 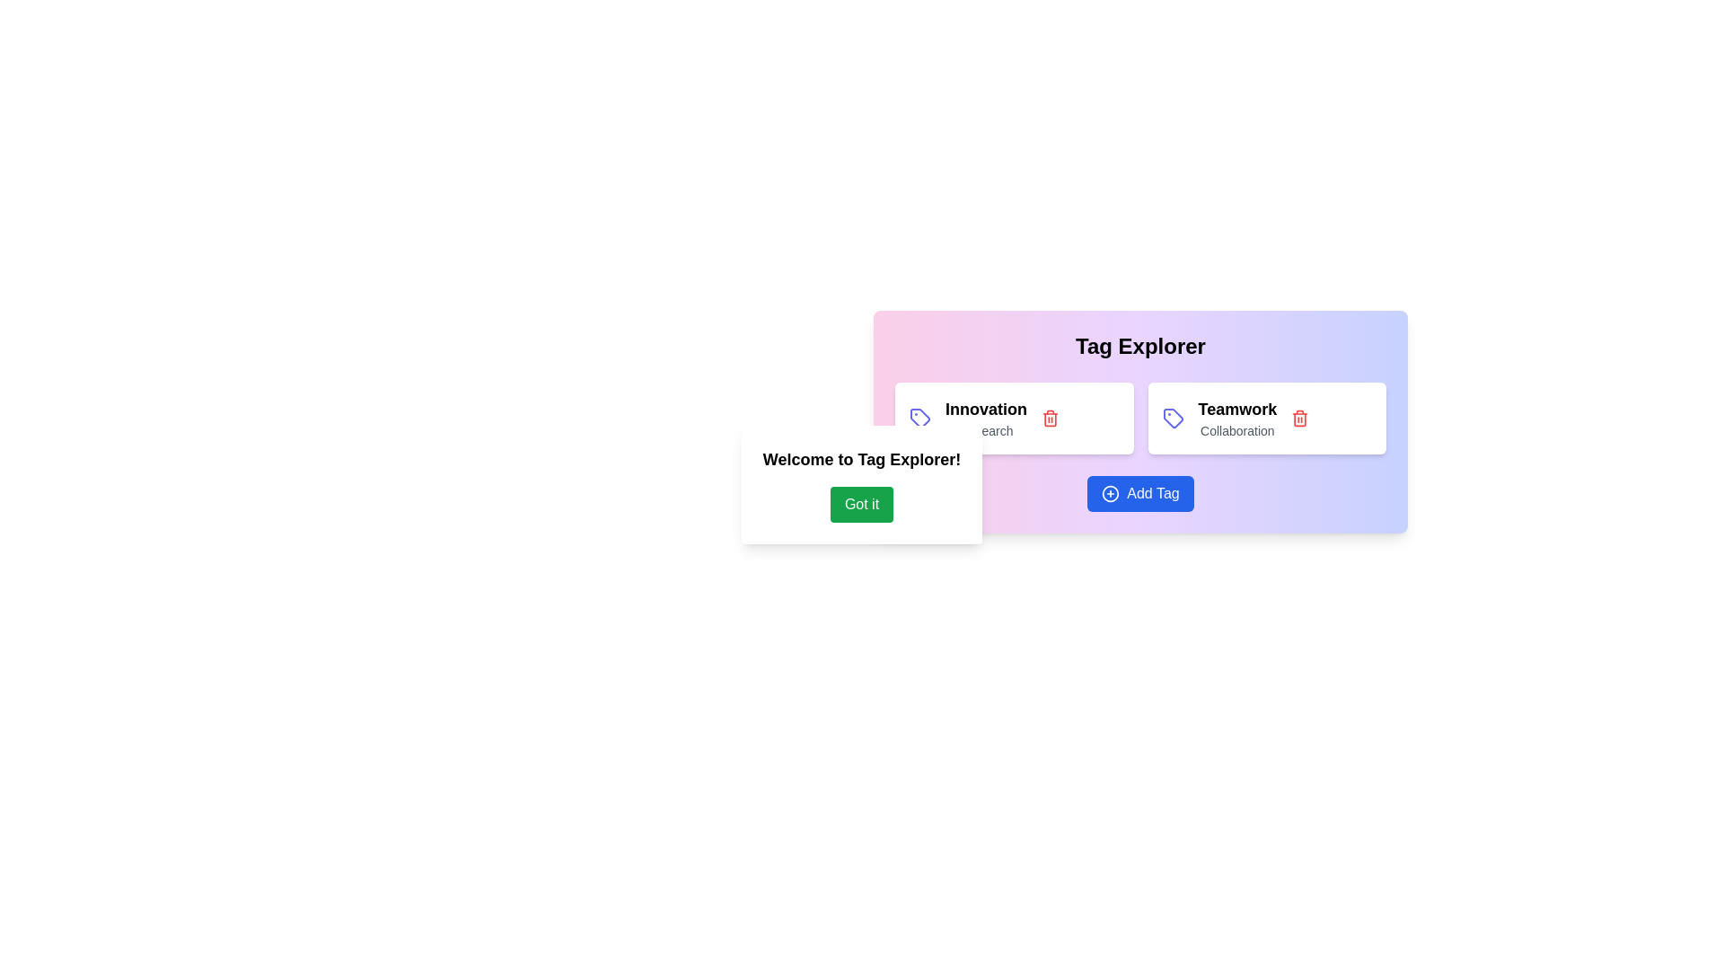 What do you see at coordinates (985, 419) in the screenshot?
I see `text of the 'Innovation Research' label displayed in the central text element within the card layout` at bounding box center [985, 419].